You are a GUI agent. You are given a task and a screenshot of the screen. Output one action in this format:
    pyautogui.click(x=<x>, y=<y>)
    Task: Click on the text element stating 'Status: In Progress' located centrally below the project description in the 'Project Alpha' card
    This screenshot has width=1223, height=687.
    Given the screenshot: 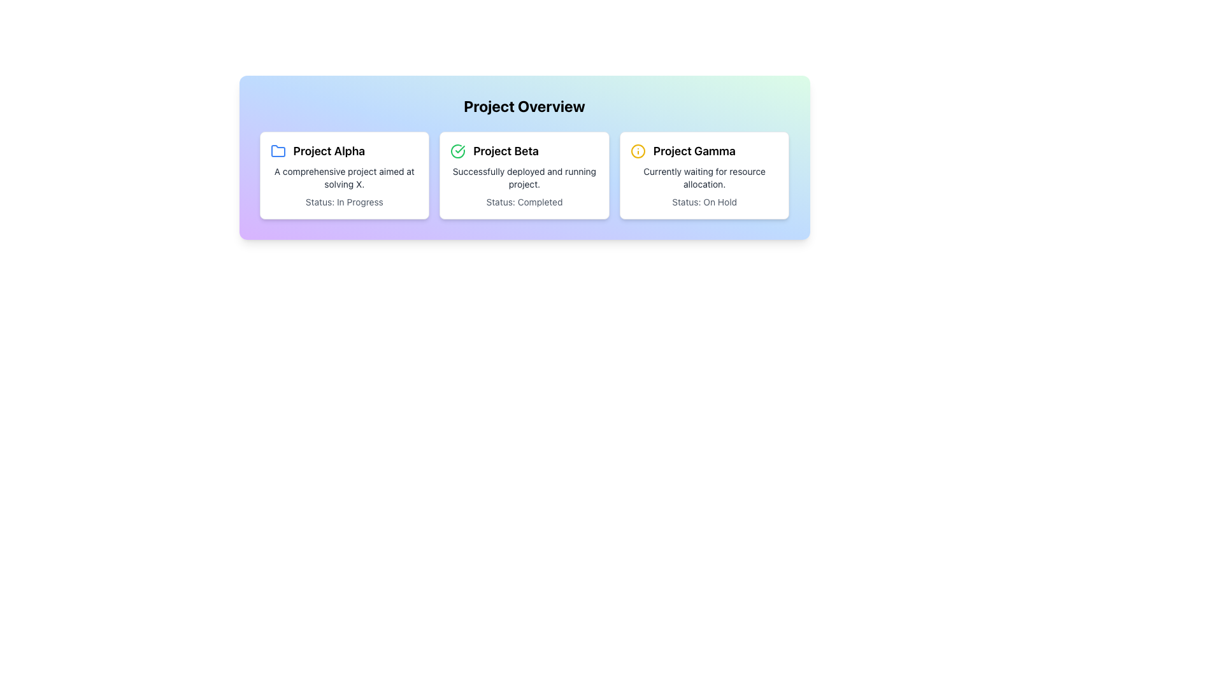 What is the action you would take?
    pyautogui.click(x=344, y=201)
    